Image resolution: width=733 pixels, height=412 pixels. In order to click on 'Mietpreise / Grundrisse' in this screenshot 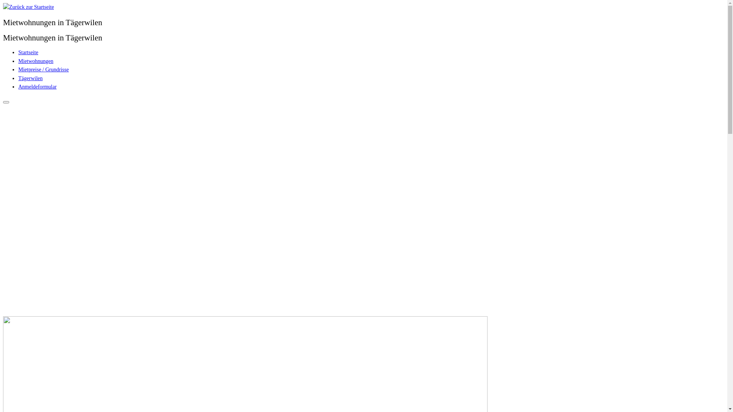, I will do `click(18, 69)`.